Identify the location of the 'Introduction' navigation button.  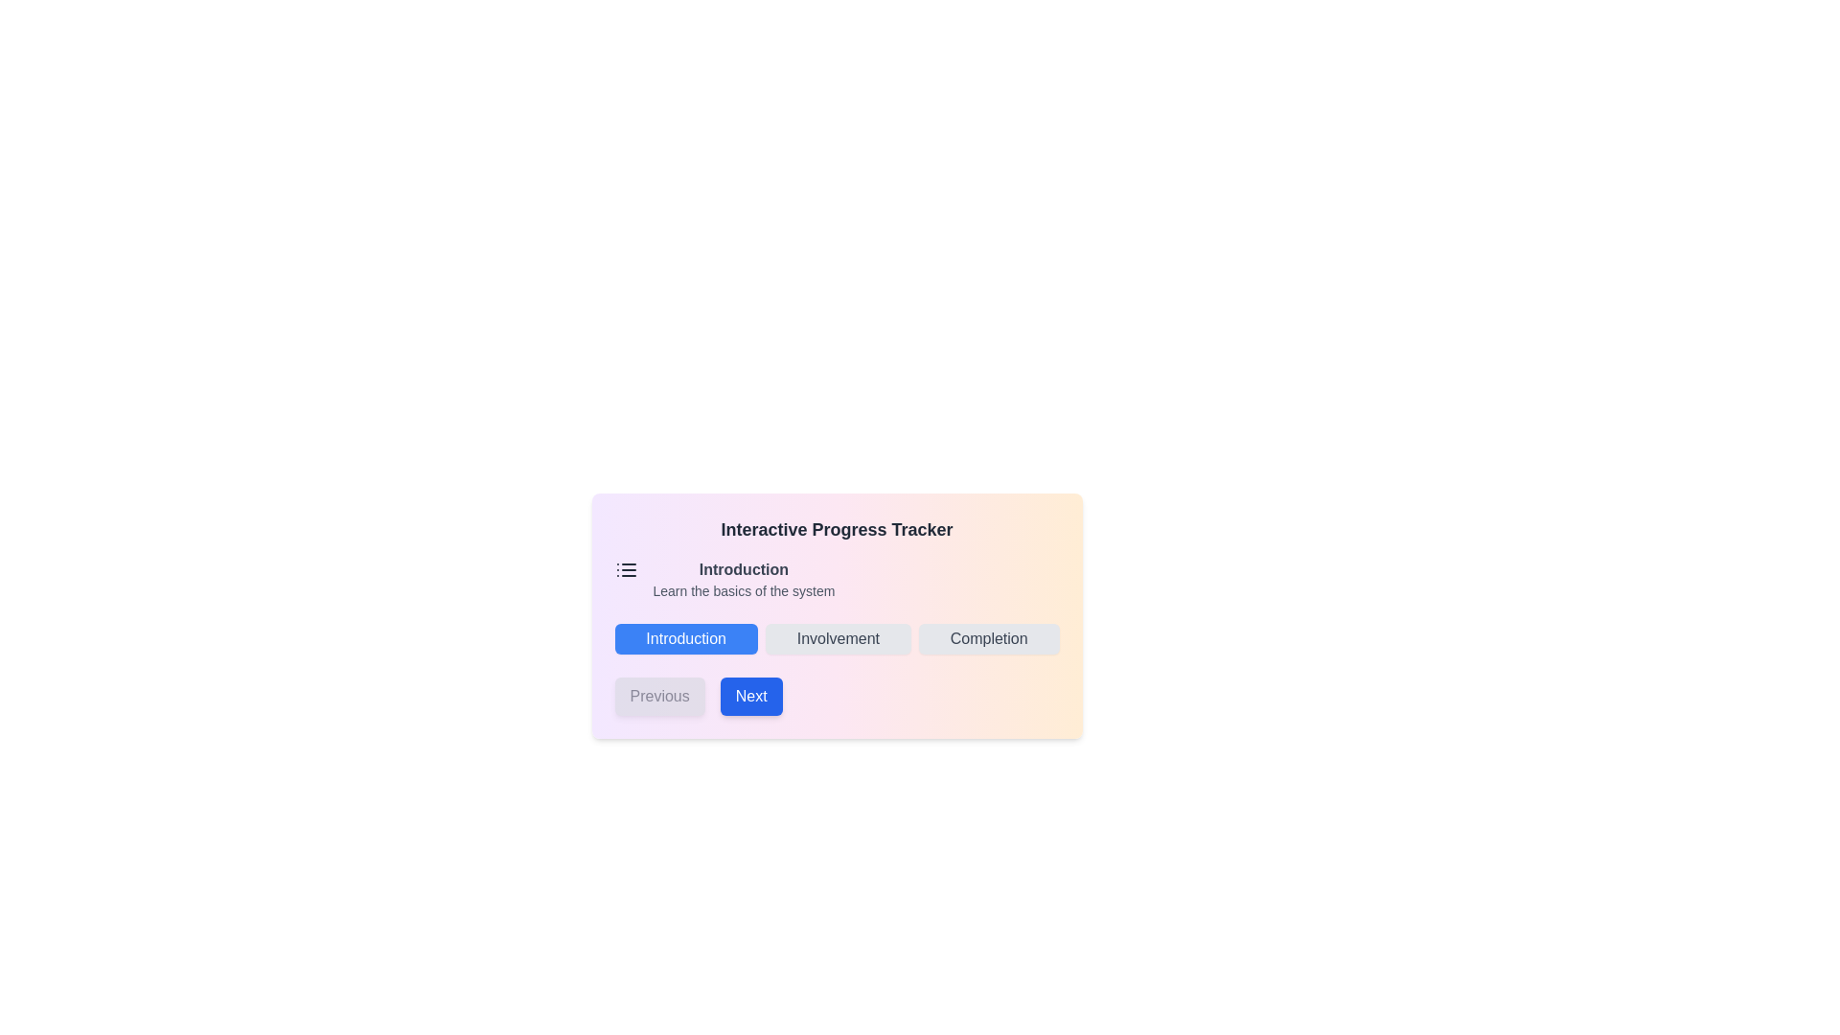
(686, 639).